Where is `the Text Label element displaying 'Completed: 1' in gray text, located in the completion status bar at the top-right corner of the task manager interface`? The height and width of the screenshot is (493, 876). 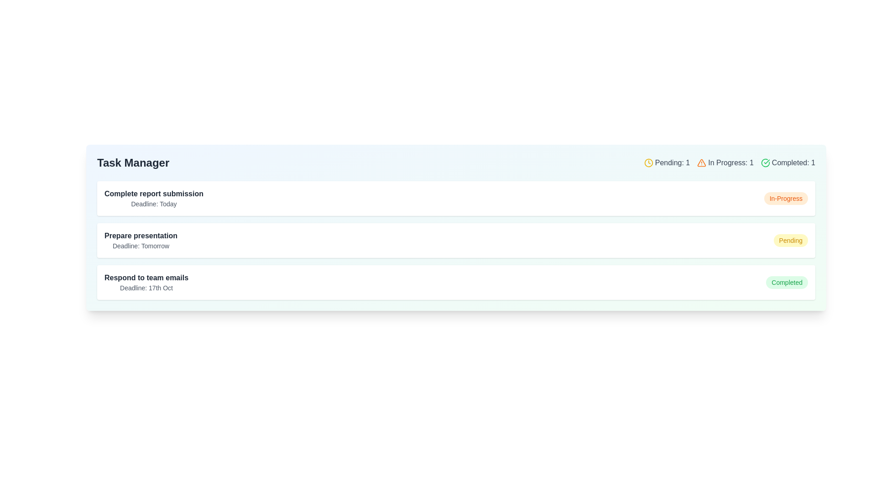
the Text Label element displaying 'Completed: 1' in gray text, located in the completion status bar at the top-right corner of the task manager interface is located at coordinates (793, 163).